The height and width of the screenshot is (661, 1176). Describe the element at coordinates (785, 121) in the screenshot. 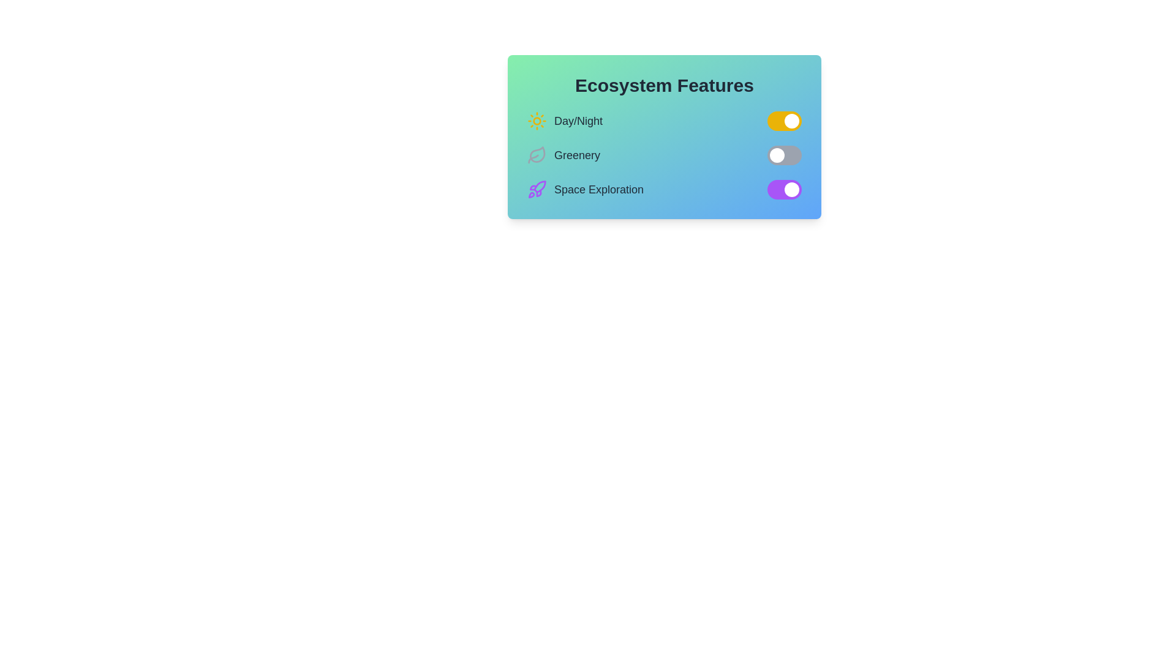

I see `the toggle switch with a yellow background and a white circular knob, located in the top-right corner adjacent to the 'Day/Night' label, to change its state` at that location.